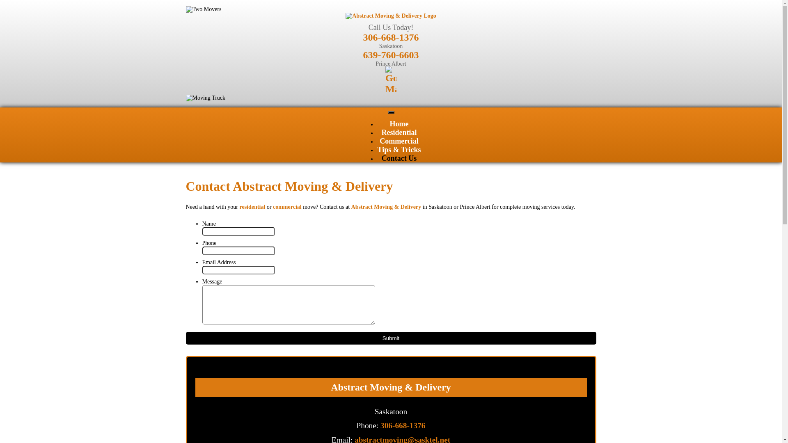  What do you see at coordinates (252, 206) in the screenshot?
I see `'residential'` at bounding box center [252, 206].